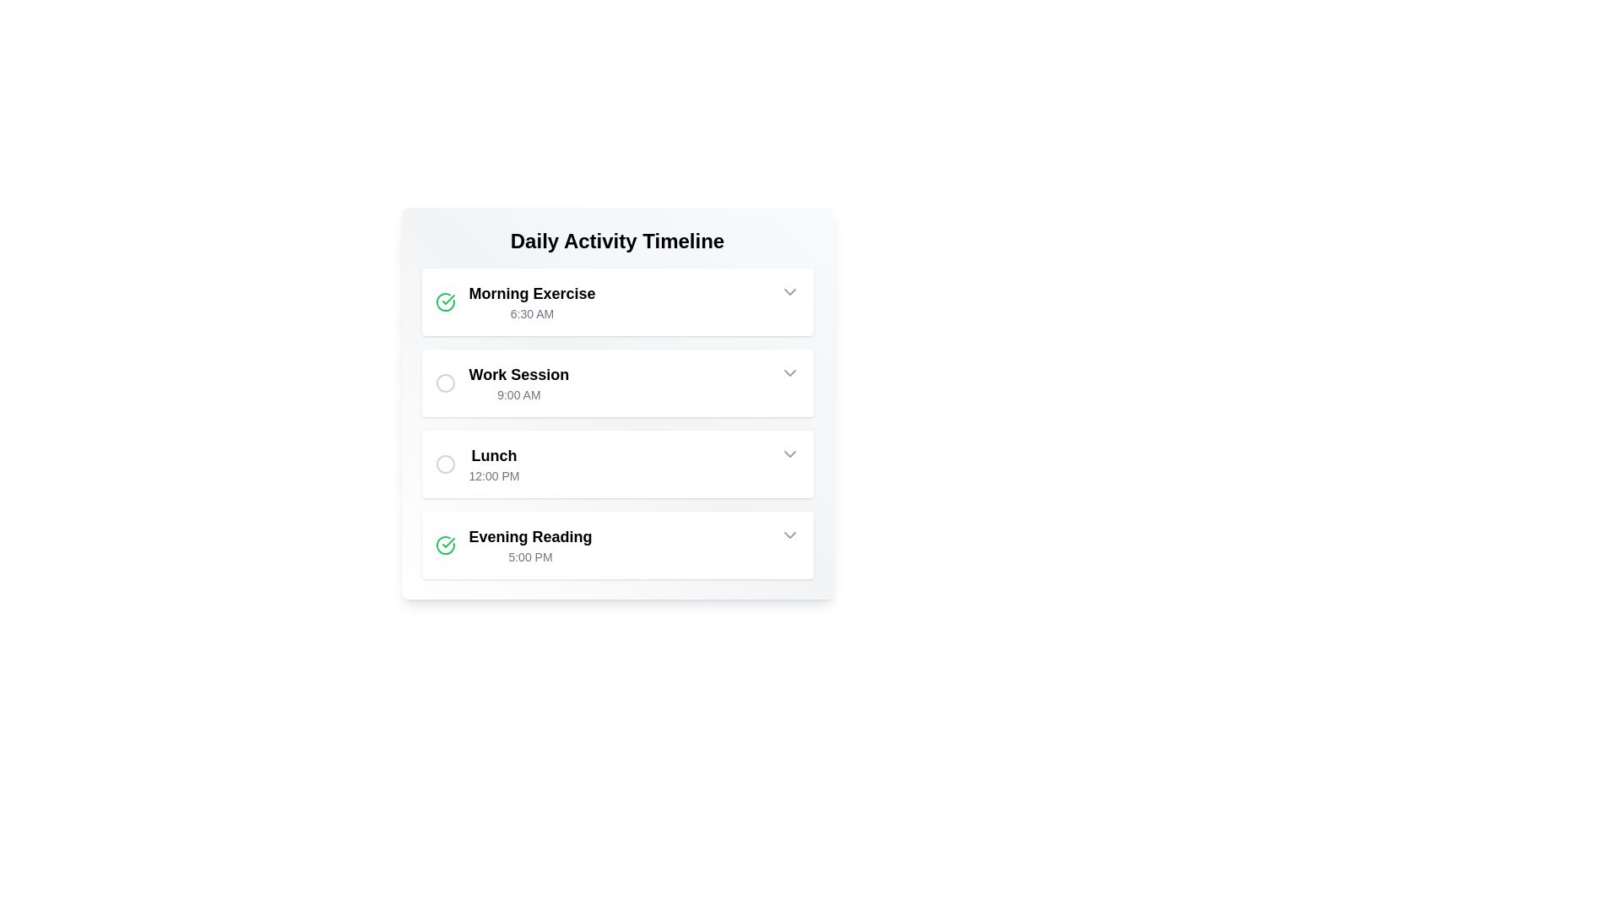 The height and width of the screenshot is (912, 1621). I want to click on the textual information block titled 'Evening Reading', which represents a scheduled activity at 5:00 PM in the user's activity timeline, located in the lower part of the 'Daily Activity Timeline', so click(529, 545).